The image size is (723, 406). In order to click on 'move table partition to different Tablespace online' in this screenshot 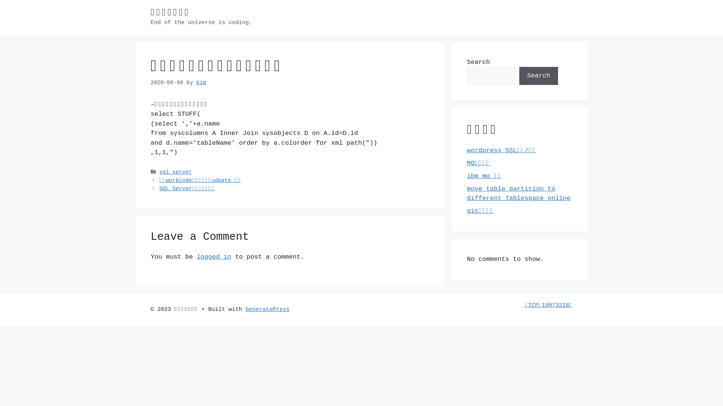, I will do `click(518, 193)`.